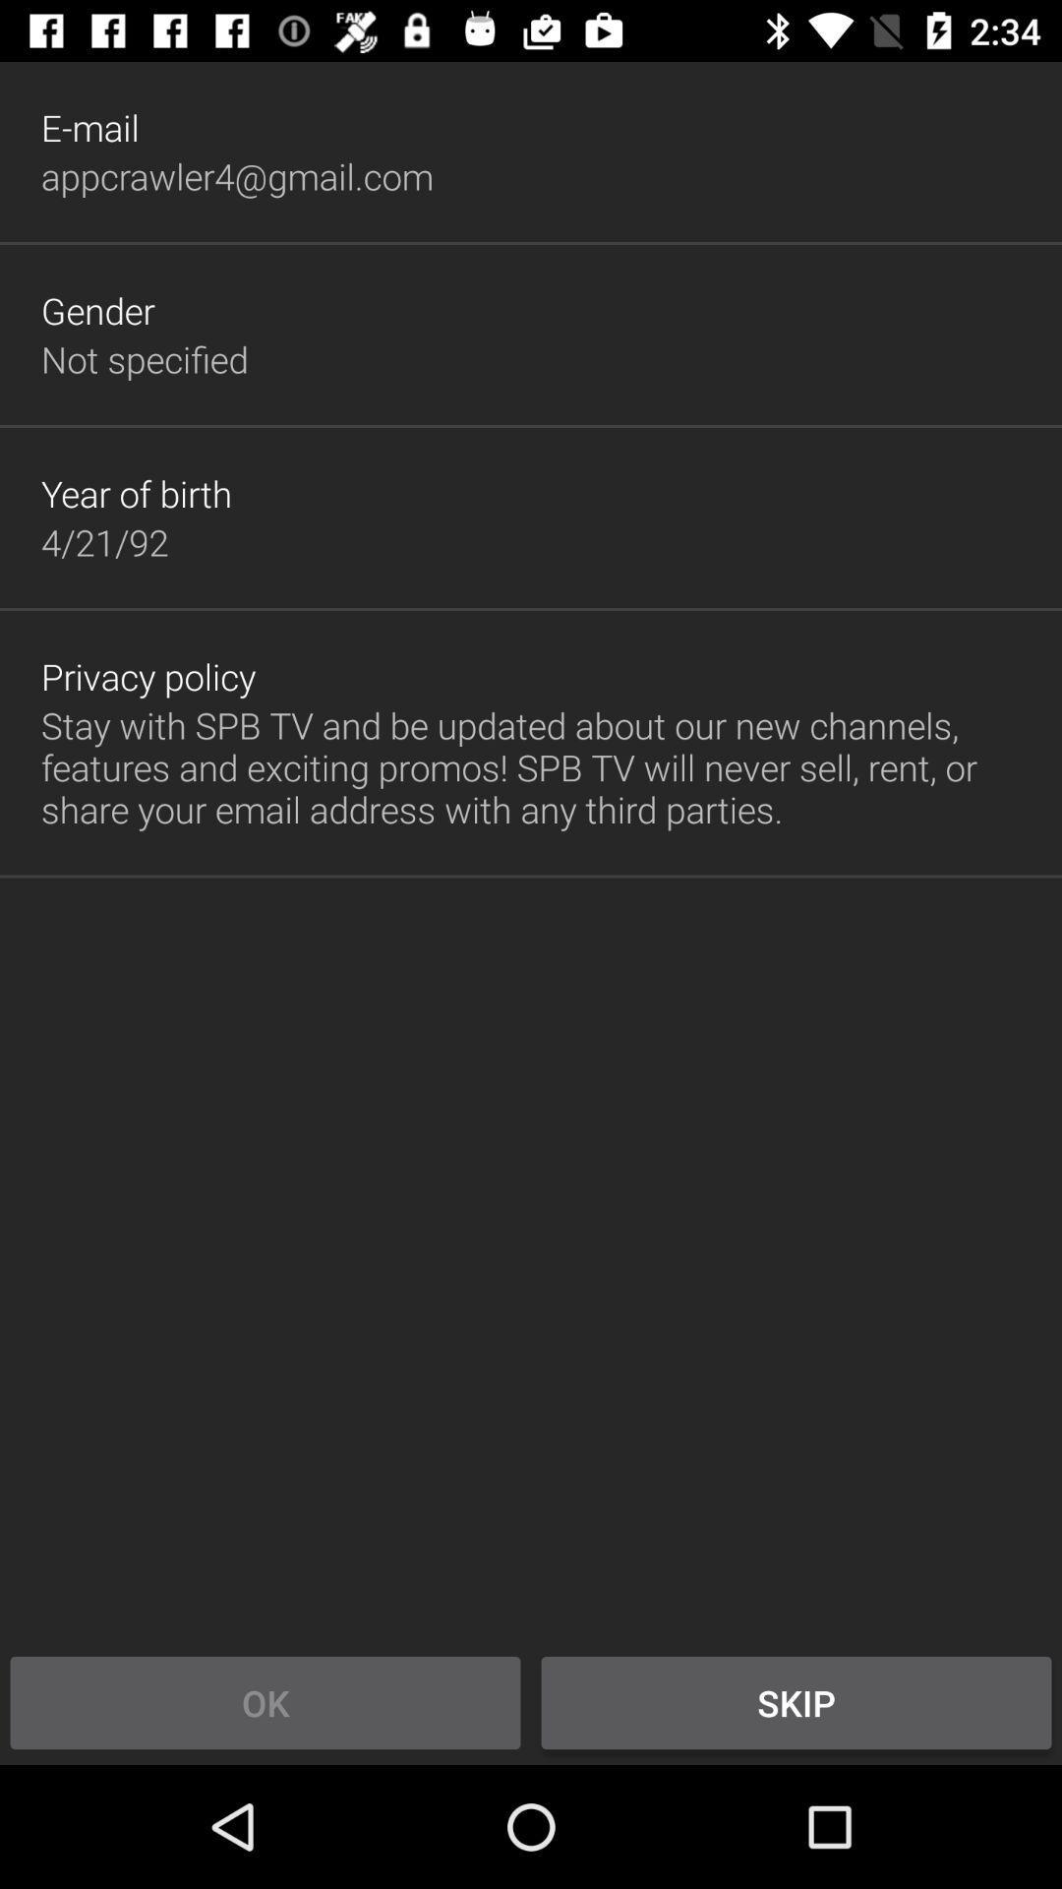  Describe the element at coordinates (89, 126) in the screenshot. I see `e-mail item` at that location.